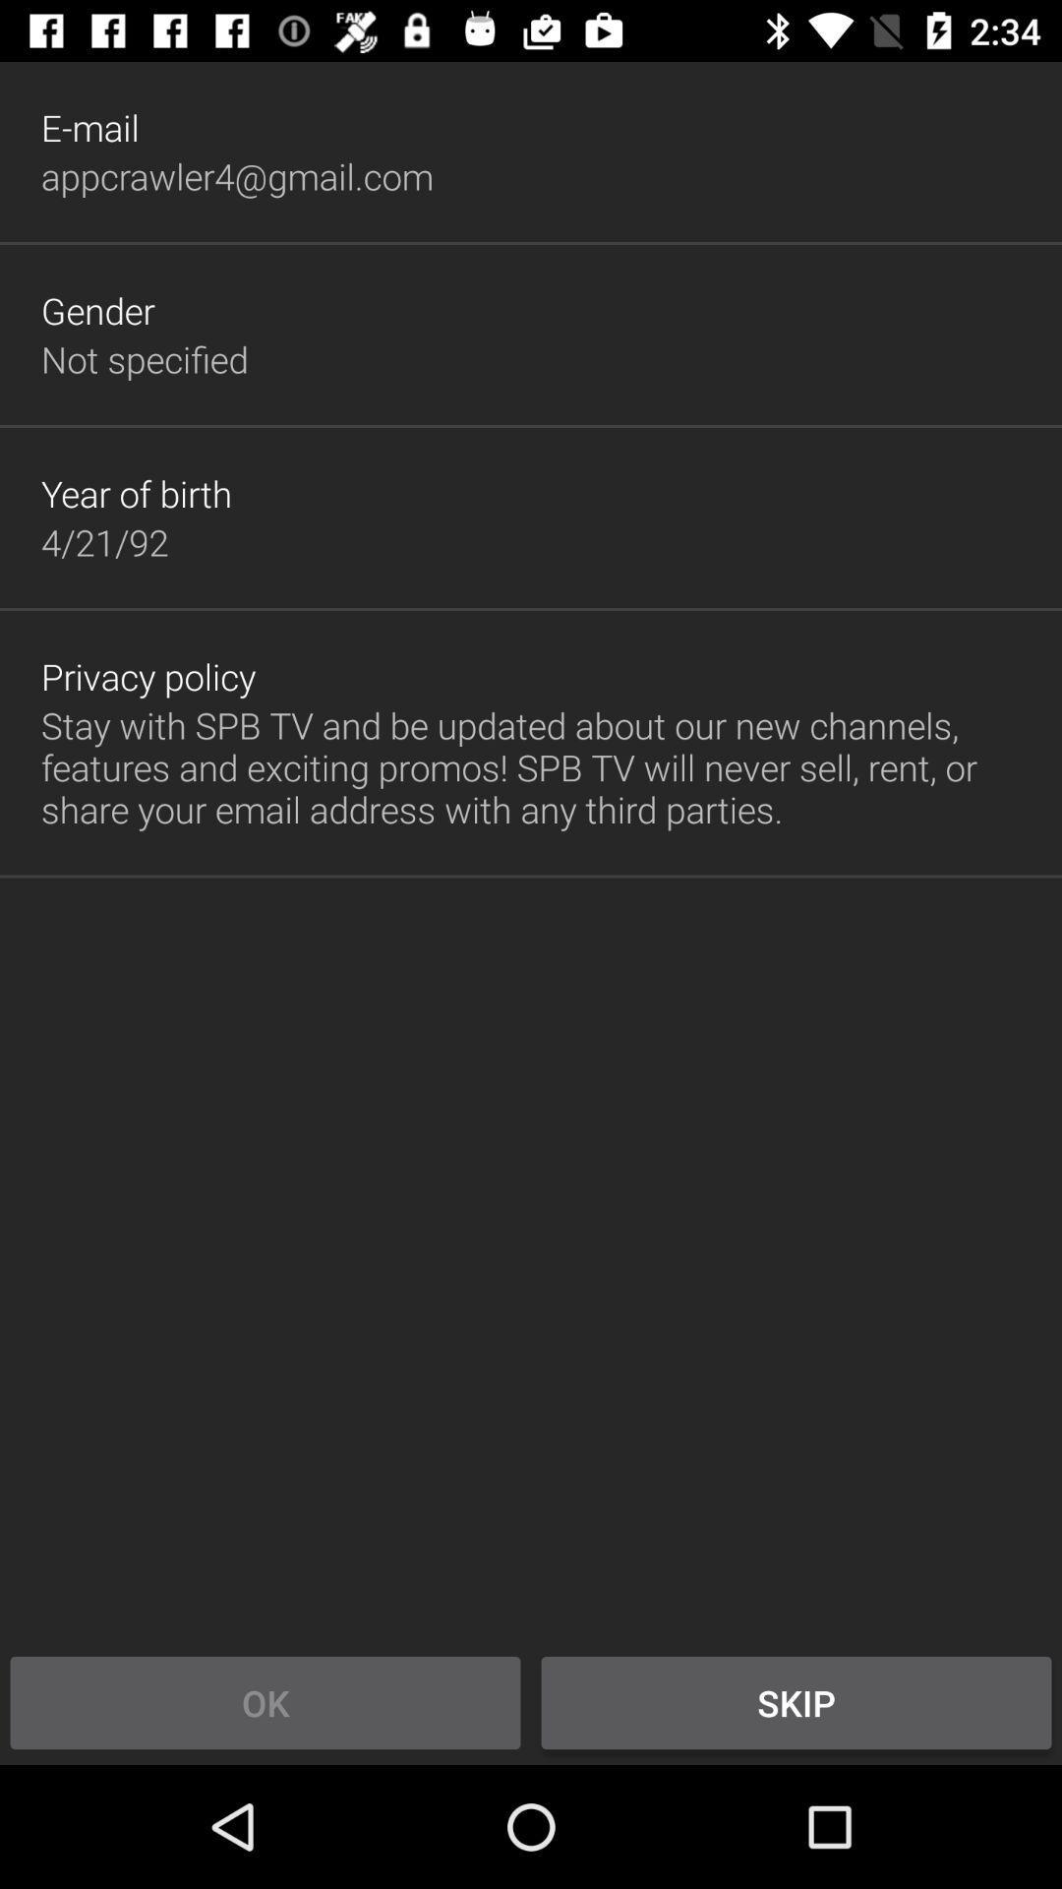  Describe the element at coordinates (89, 126) in the screenshot. I see `e-mail item` at that location.